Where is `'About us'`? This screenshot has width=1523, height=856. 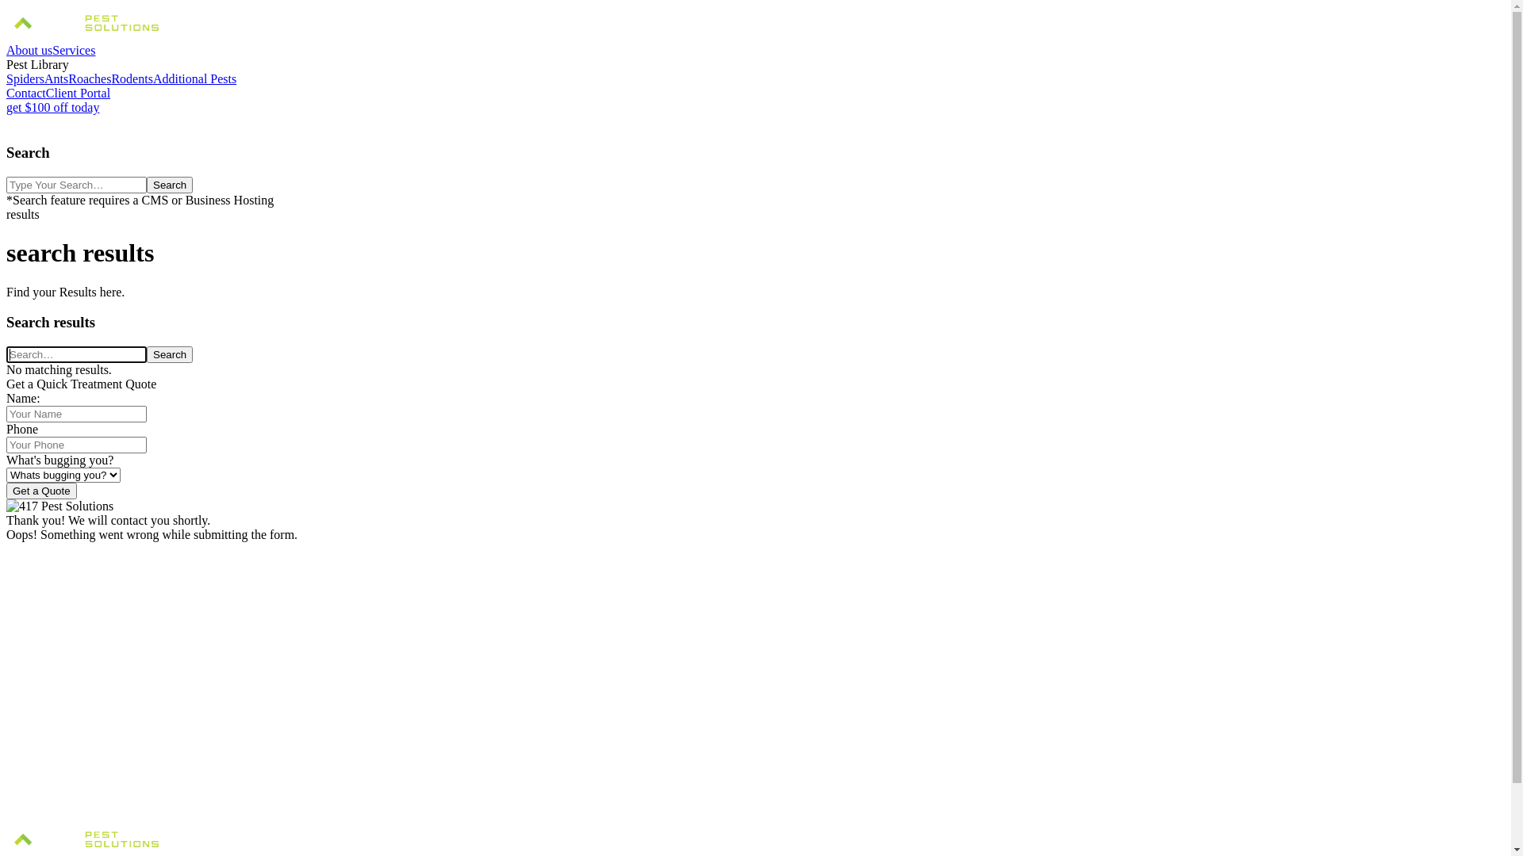
'About us' is located at coordinates (6, 49).